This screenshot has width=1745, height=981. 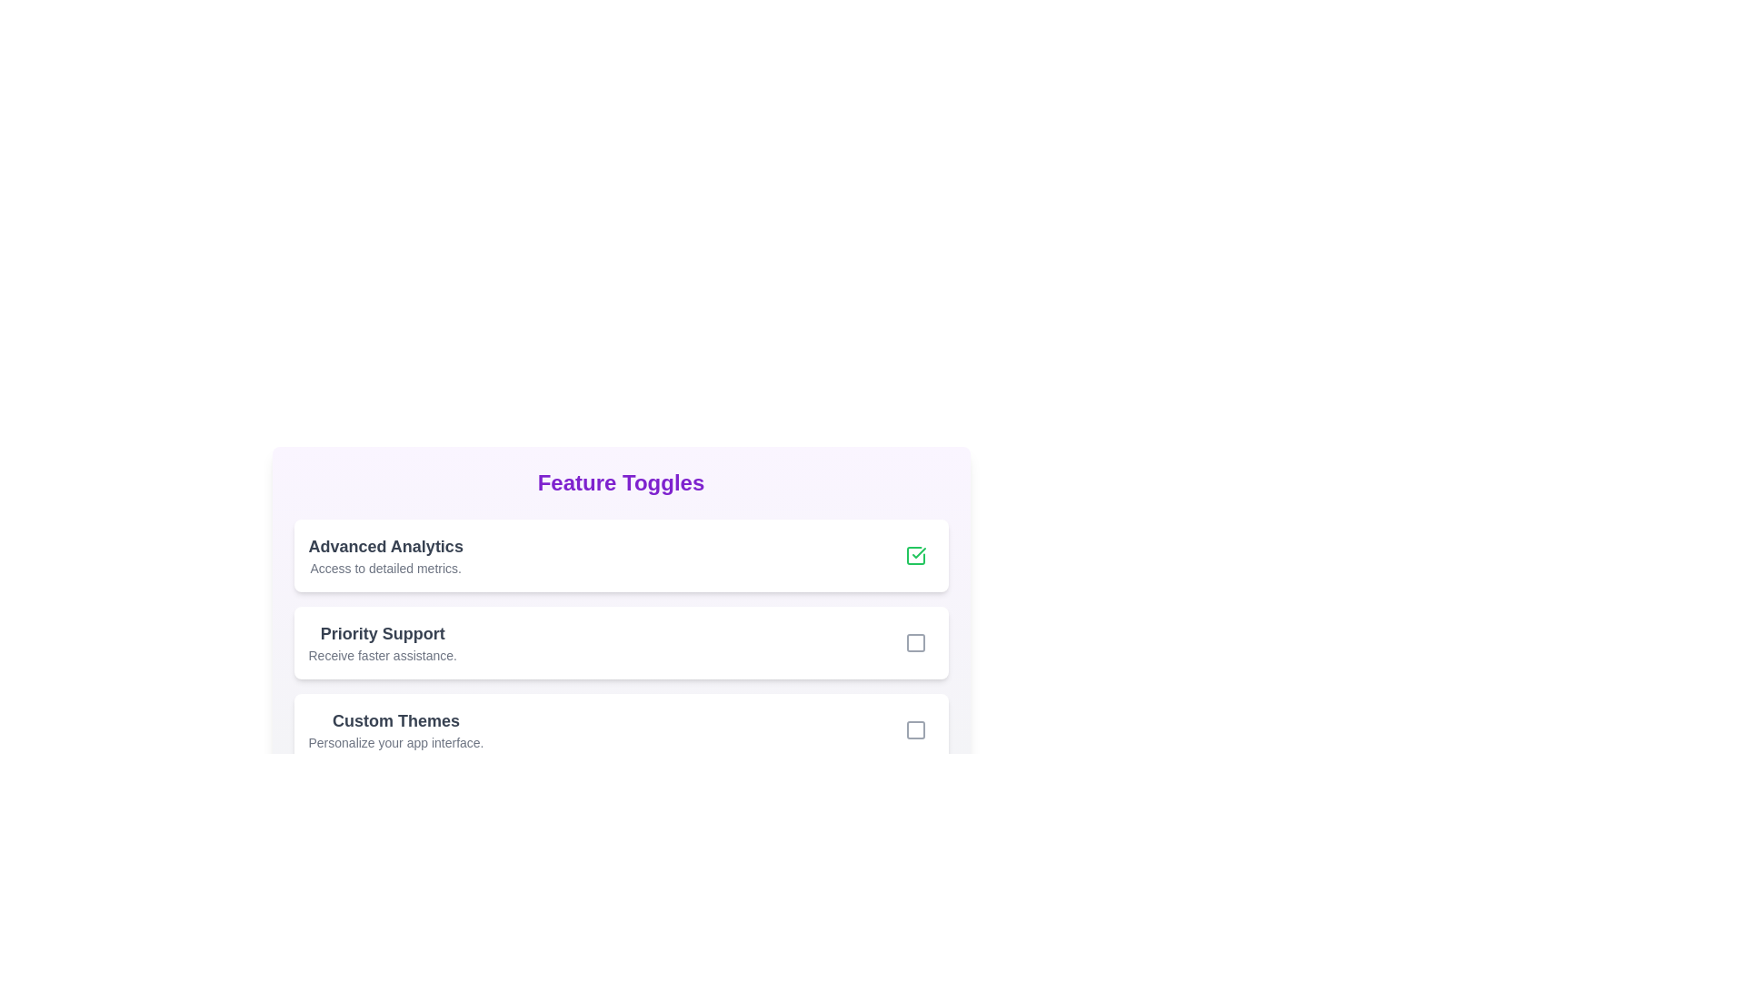 What do you see at coordinates (915, 642) in the screenshot?
I see `the square-shaped checkbox located at the right end of the 'Priority Support' feature card to observe any hover effects` at bounding box center [915, 642].